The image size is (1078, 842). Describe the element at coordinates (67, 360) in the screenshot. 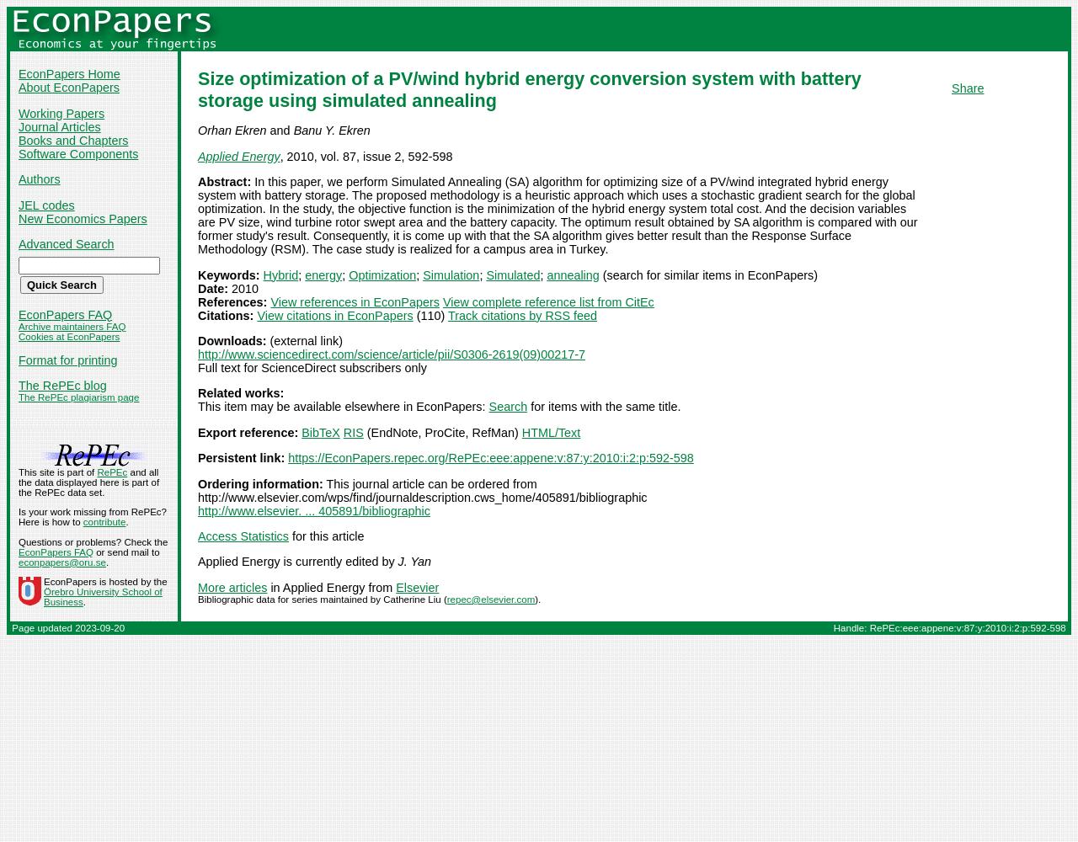

I see `'Format for printing'` at that location.